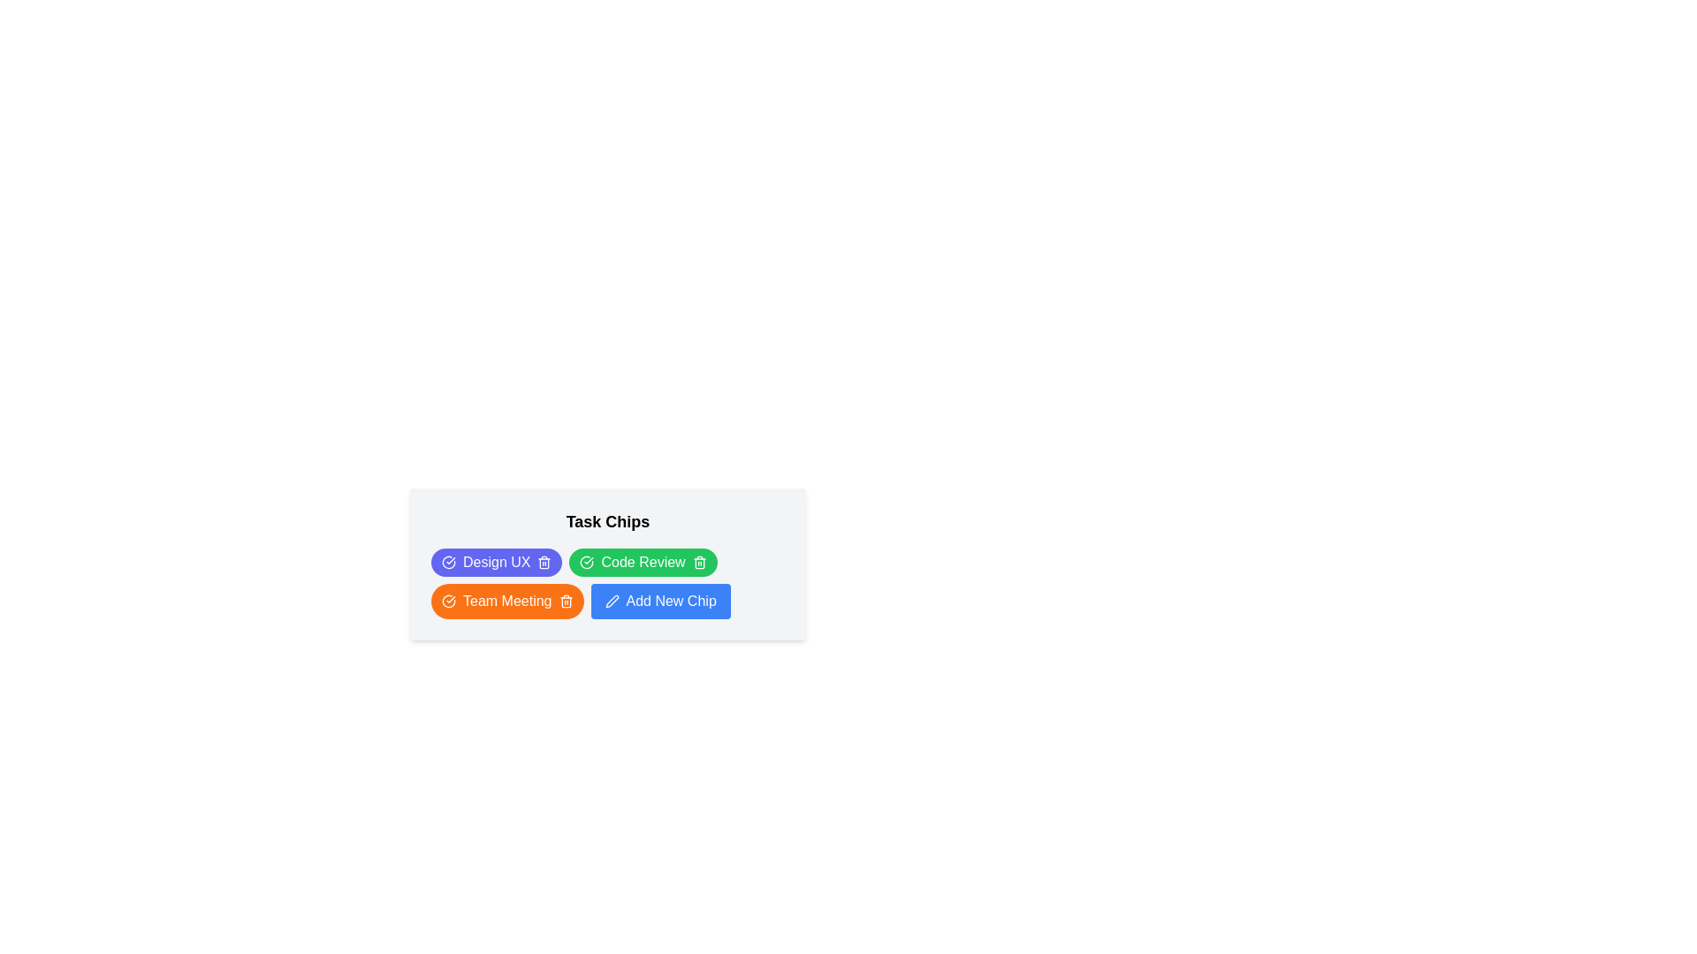  What do you see at coordinates (449, 562) in the screenshot?
I see `the visual indicator icon on the 'Design UX' chip, located at the top left of the task chips grid` at bounding box center [449, 562].